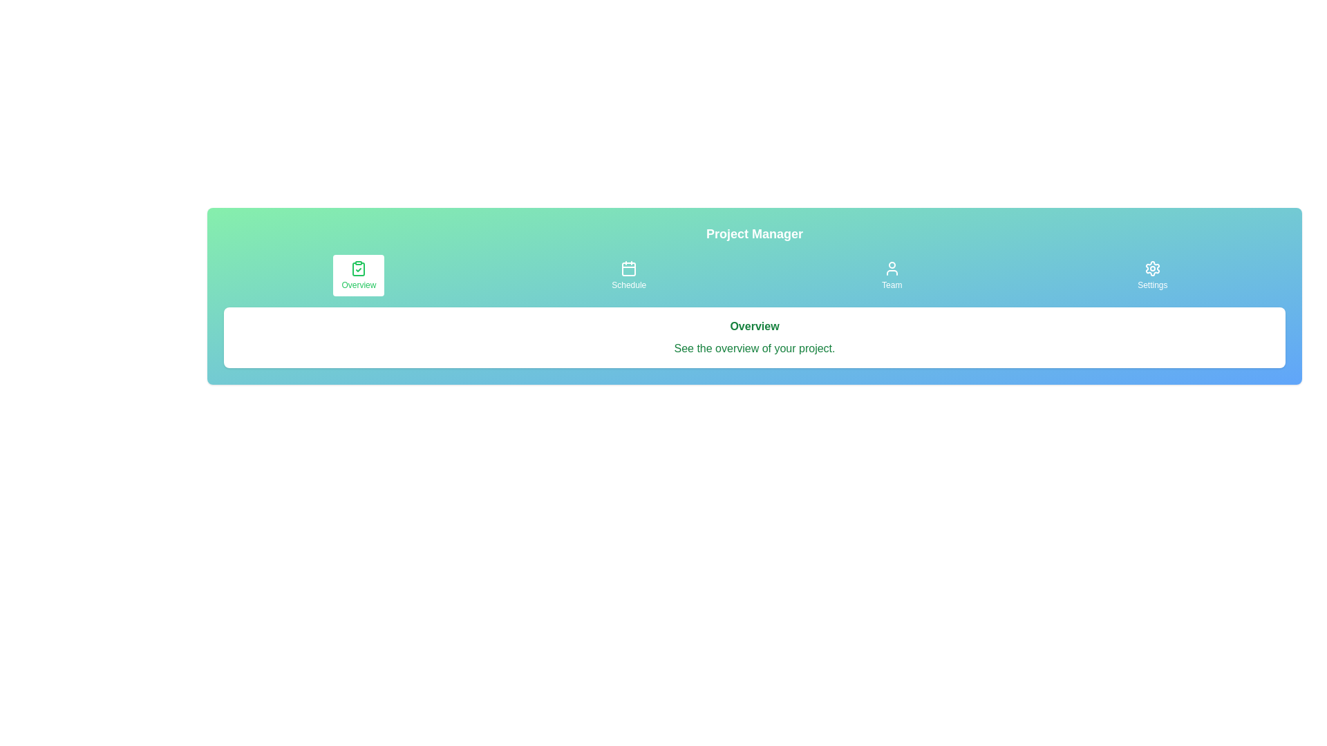  I want to click on the calendar icon with a turquoise background and the label 'Schedule', so click(628, 269).